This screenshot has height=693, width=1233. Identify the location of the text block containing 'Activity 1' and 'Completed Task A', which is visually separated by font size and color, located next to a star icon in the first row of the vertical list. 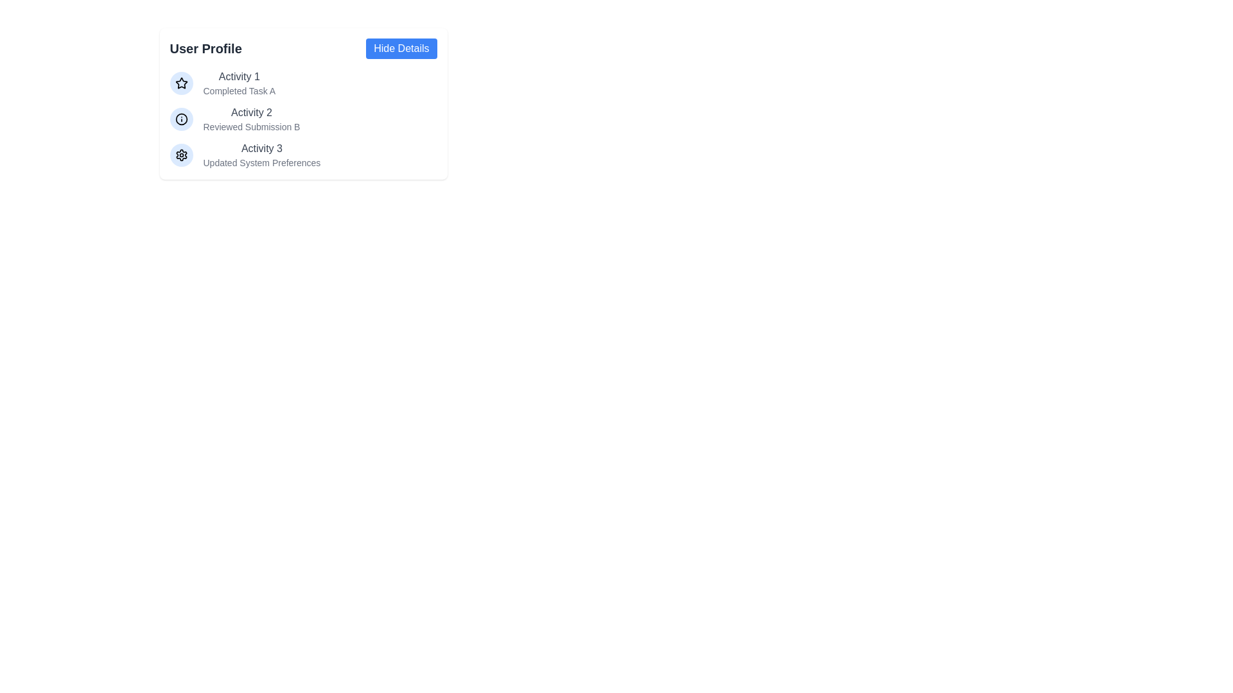
(239, 83).